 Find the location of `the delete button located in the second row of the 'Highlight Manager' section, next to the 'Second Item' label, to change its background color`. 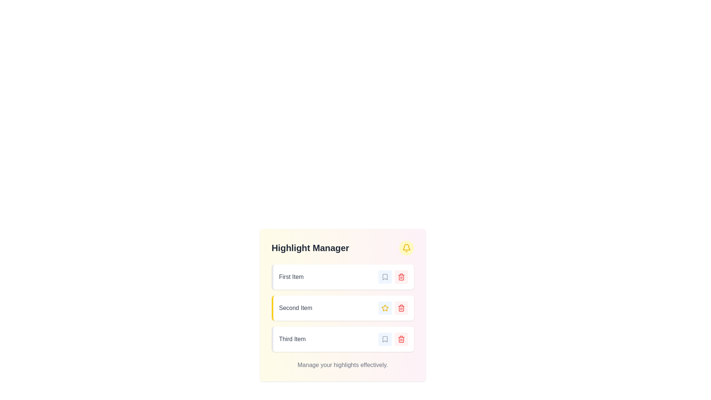

the delete button located in the second row of the 'Highlight Manager' section, next to the 'Second Item' label, to change its background color is located at coordinates (401, 308).